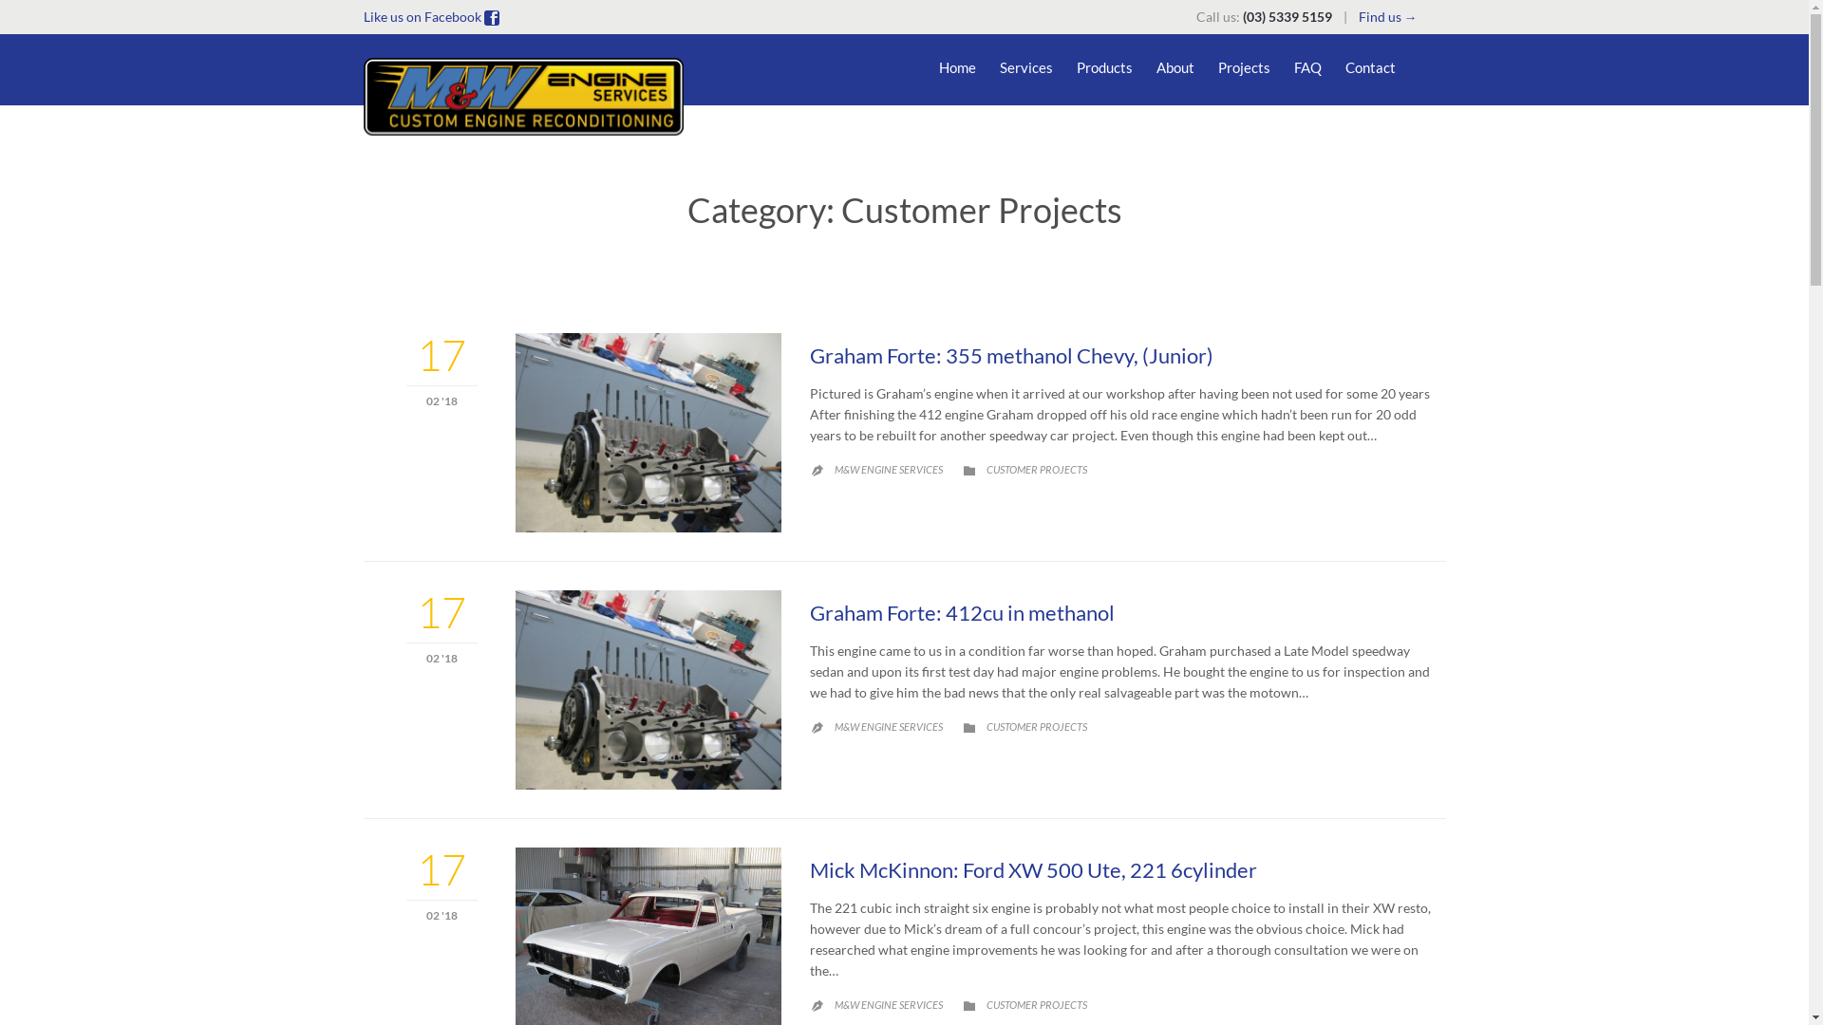 Image resolution: width=1823 pixels, height=1025 pixels. Describe the element at coordinates (1156, 68) in the screenshot. I see `'About'` at that location.